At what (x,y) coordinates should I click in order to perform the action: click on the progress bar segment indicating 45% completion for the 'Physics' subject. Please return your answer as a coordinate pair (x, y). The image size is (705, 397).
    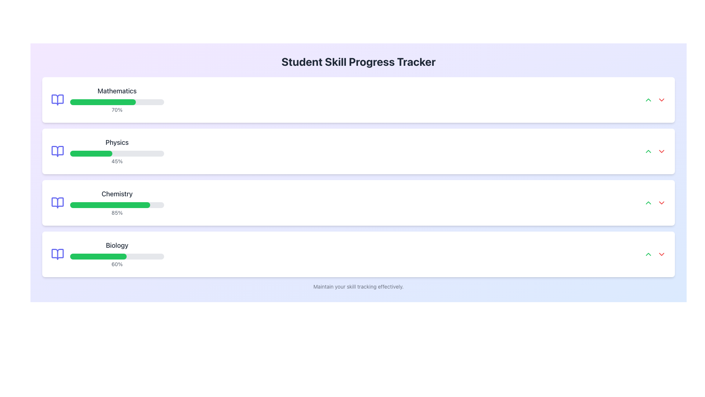
    Looking at the image, I should click on (91, 153).